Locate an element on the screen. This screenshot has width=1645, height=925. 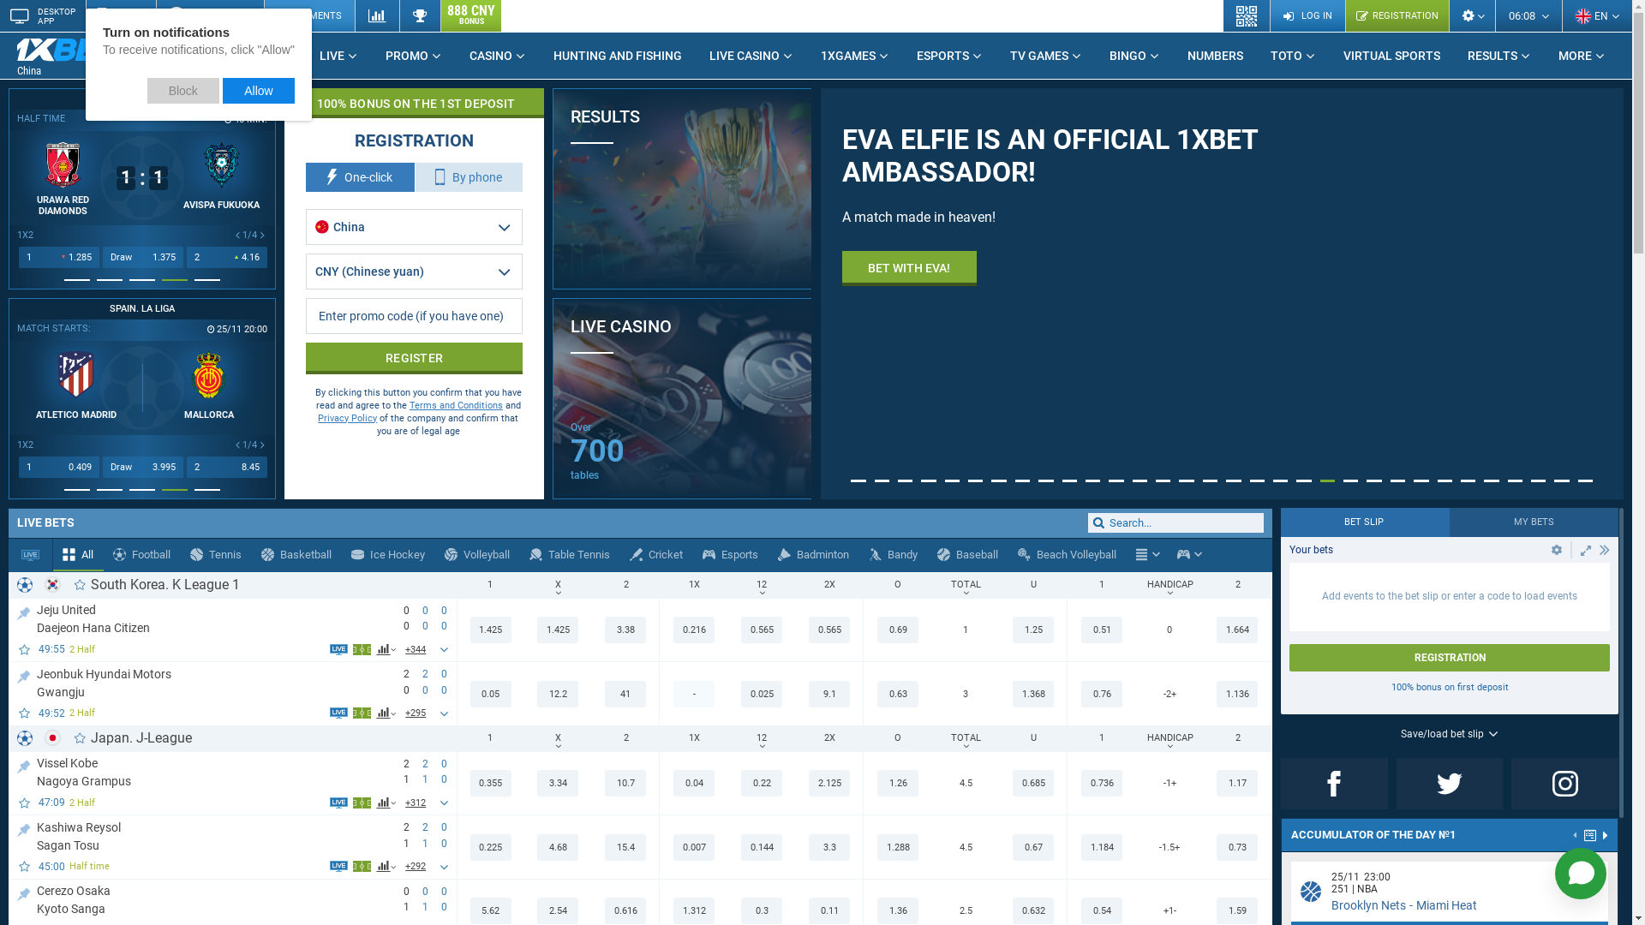
'+292' is located at coordinates (399, 866).